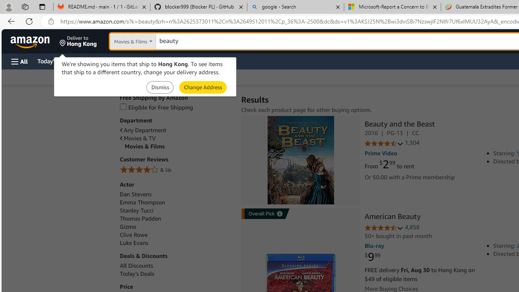 This screenshot has height=292, width=519. What do you see at coordinates (150, 41) in the screenshot?
I see `'Search in'` at bounding box center [150, 41].